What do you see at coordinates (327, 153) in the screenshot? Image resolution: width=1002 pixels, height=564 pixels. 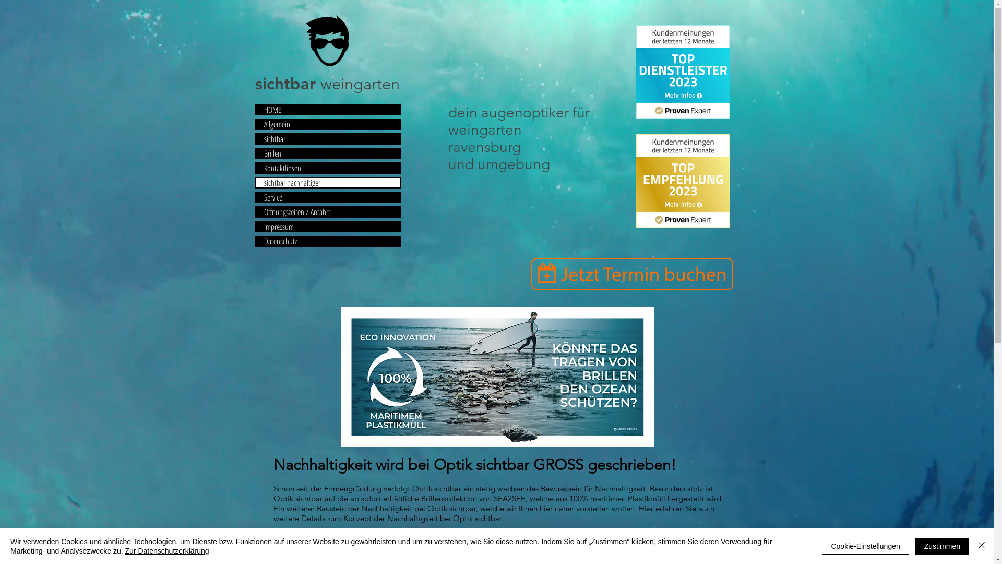 I see `'Brillen'` at bounding box center [327, 153].